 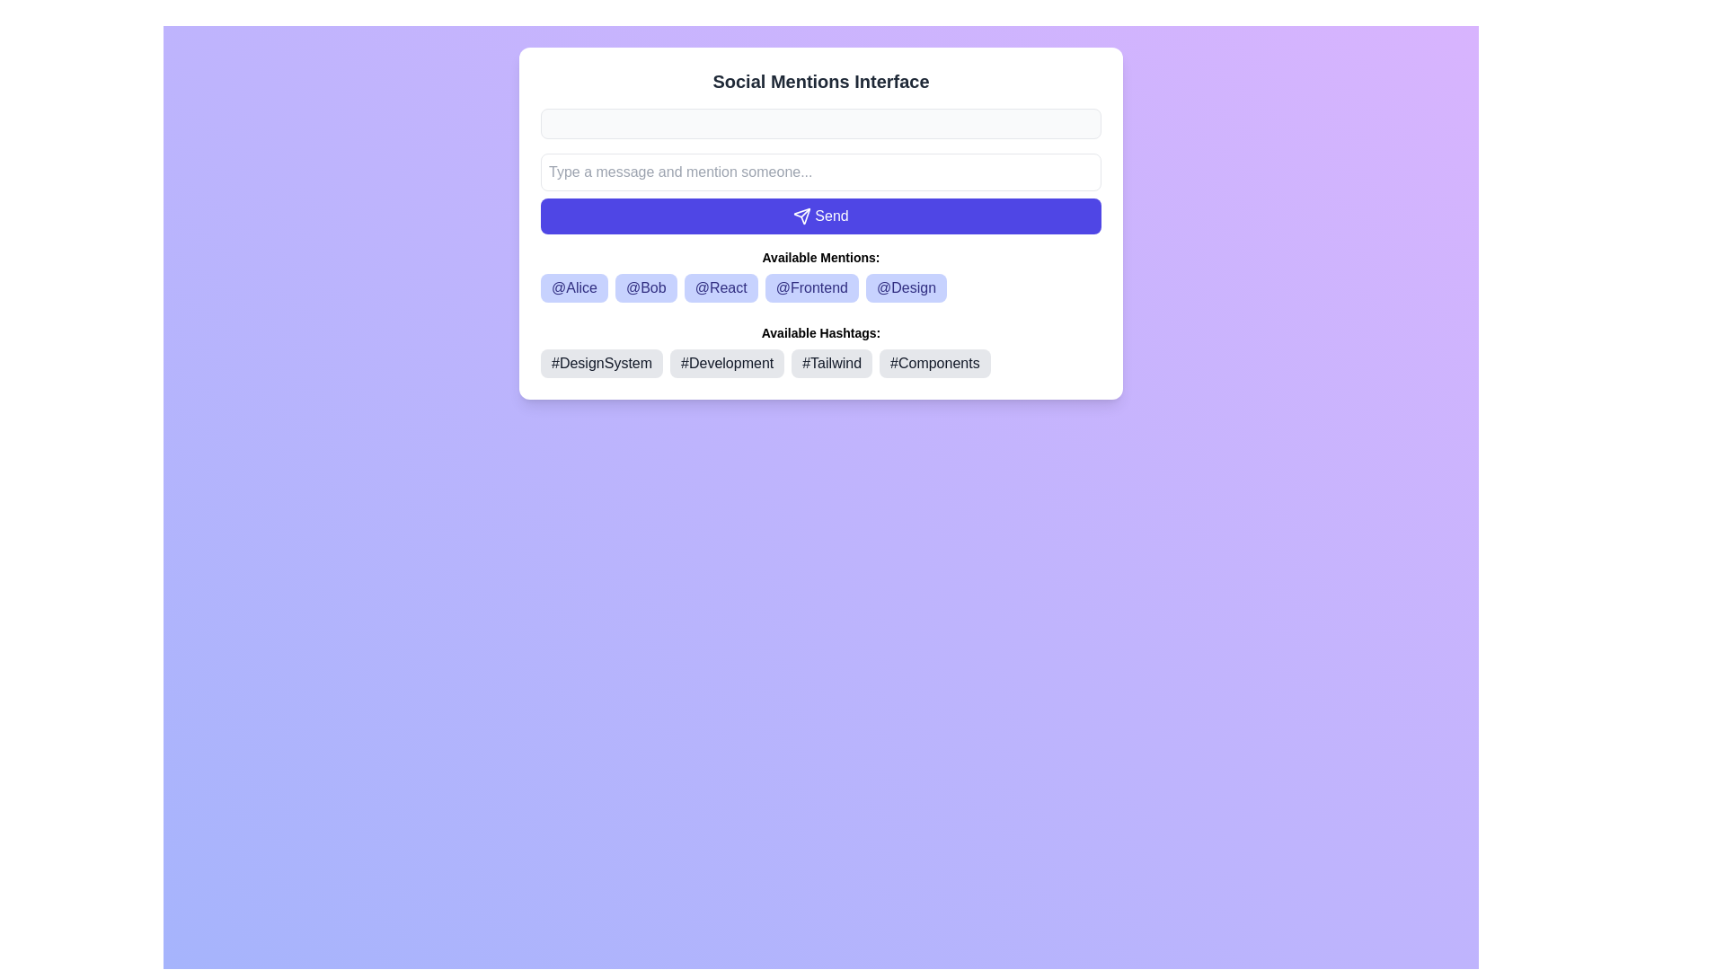 I want to click on one of the tags in the group of labels styled as buttons, which are rectangular with rounded corners, light gray background, and dark gray text, located below the 'Available Hashtags:' label, so click(x=819, y=364).